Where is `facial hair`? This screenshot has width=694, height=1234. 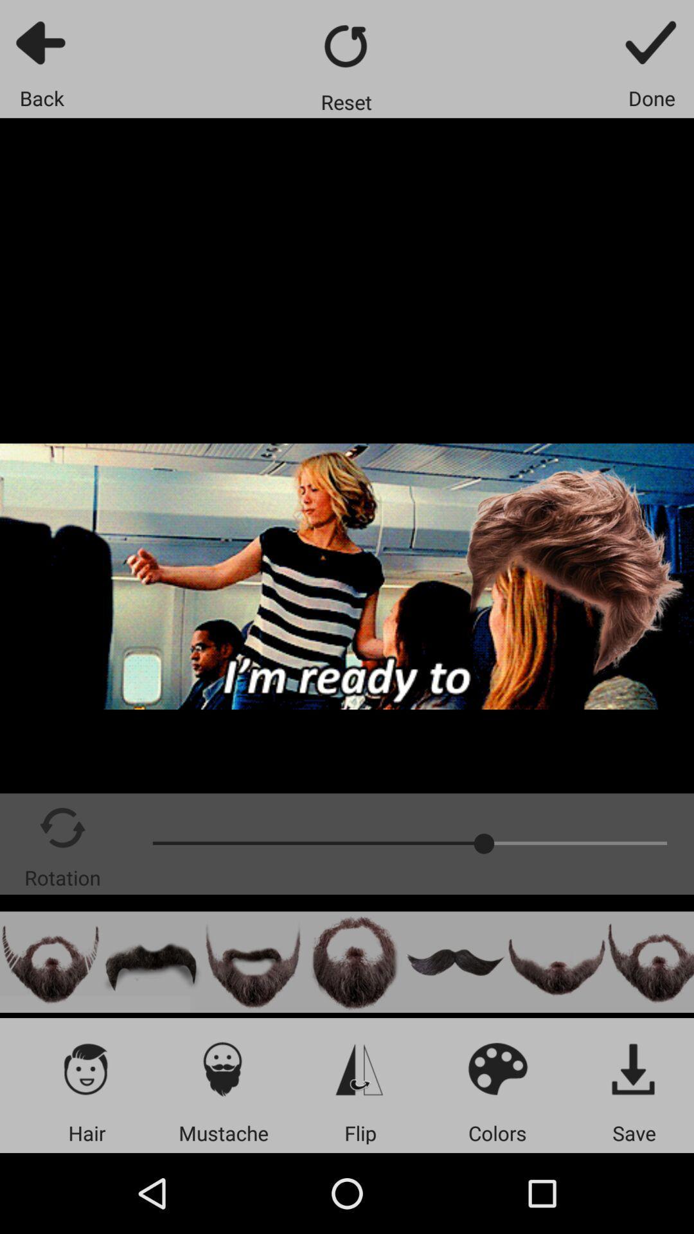
facial hair is located at coordinates (556, 962).